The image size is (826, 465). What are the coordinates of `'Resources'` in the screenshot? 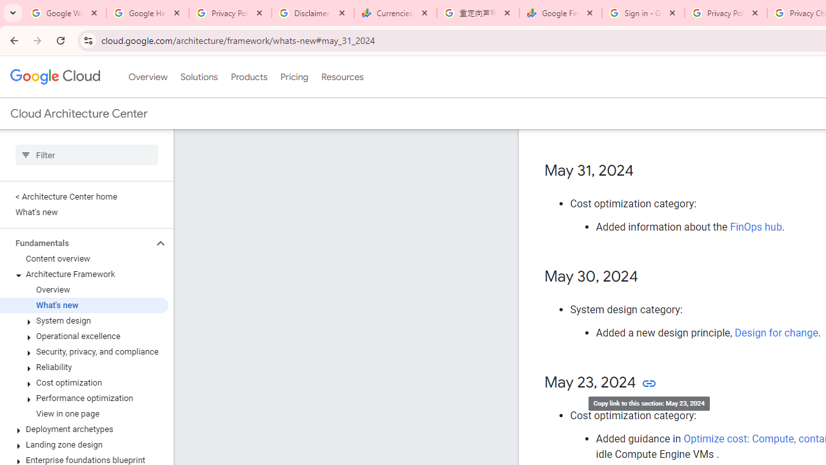 It's located at (342, 77).